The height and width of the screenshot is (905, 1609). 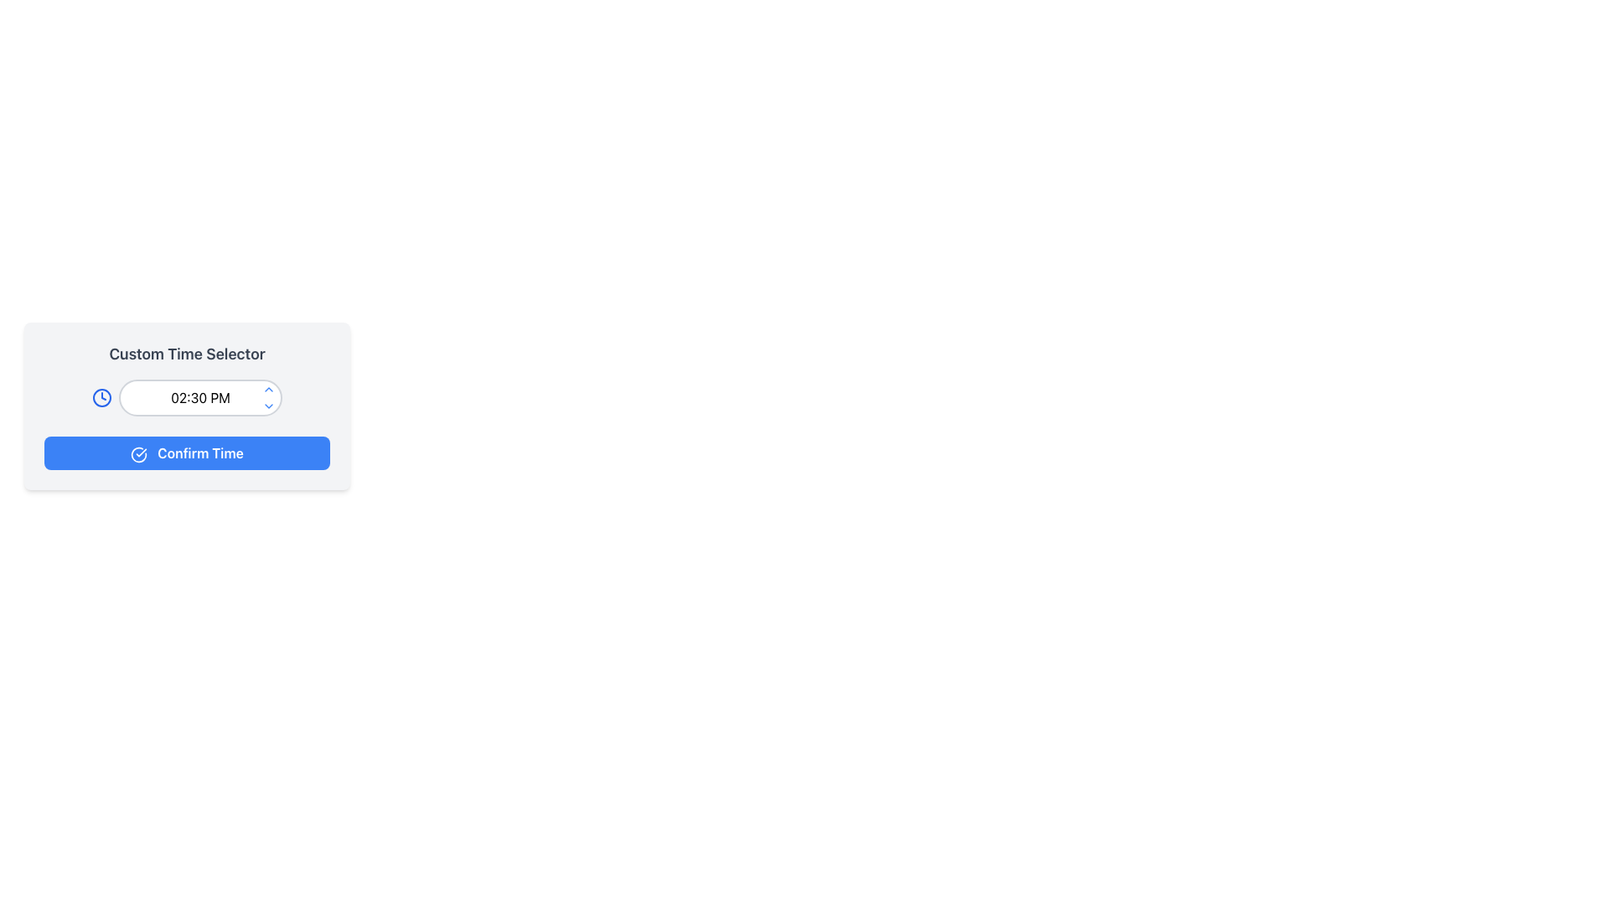 What do you see at coordinates (269, 397) in the screenshot?
I see `the downward arrow of the Time adjustment control to decrement the time value displayed in the associated input field` at bounding box center [269, 397].